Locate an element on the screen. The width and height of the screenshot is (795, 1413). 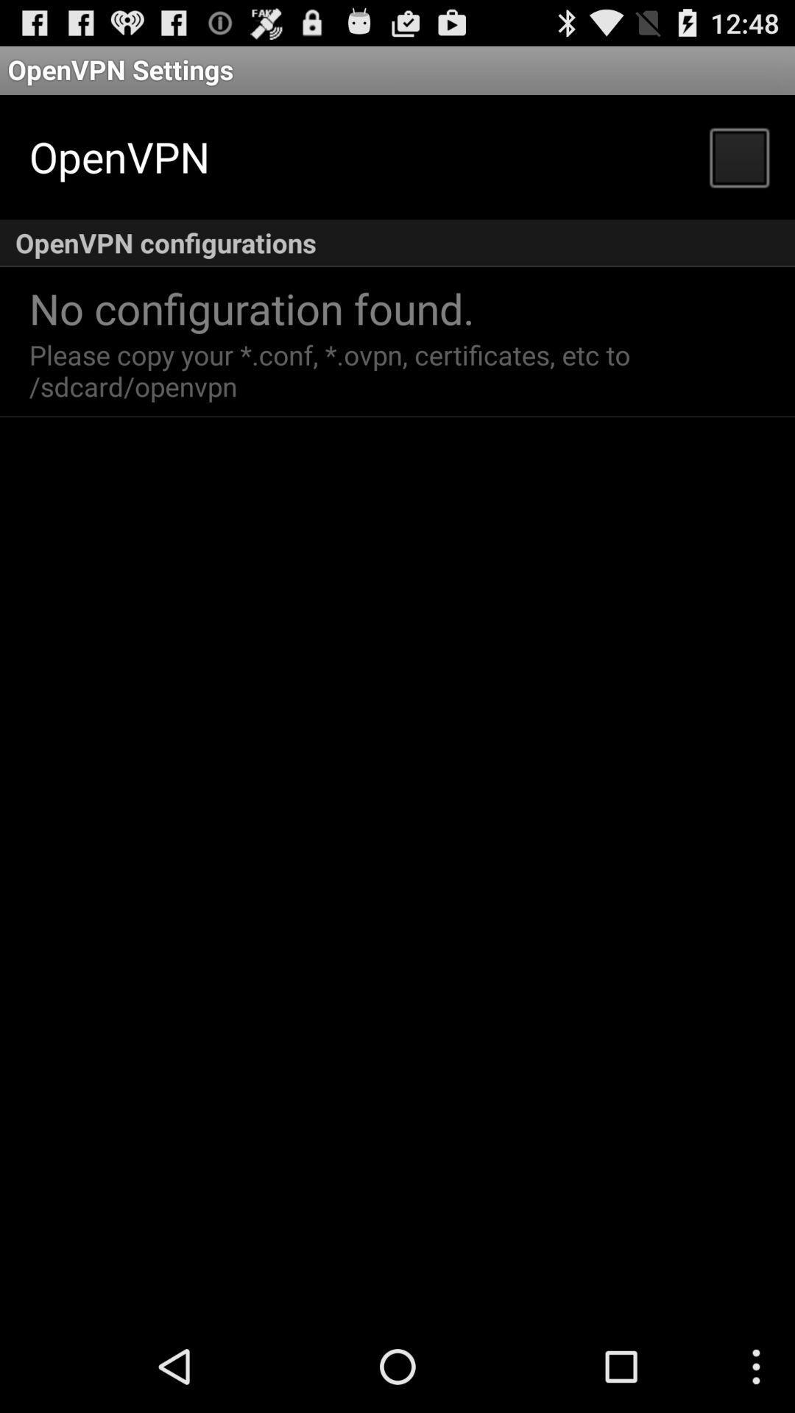
item next to openvpn item is located at coordinates (738, 156).